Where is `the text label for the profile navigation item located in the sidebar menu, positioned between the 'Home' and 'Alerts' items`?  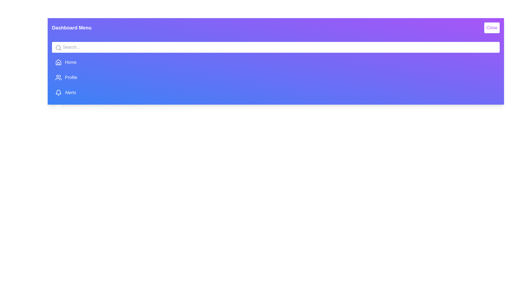
the text label for the profile navigation item located in the sidebar menu, positioned between the 'Home' and 'Alerts' items is located at coordinates (71, 77).